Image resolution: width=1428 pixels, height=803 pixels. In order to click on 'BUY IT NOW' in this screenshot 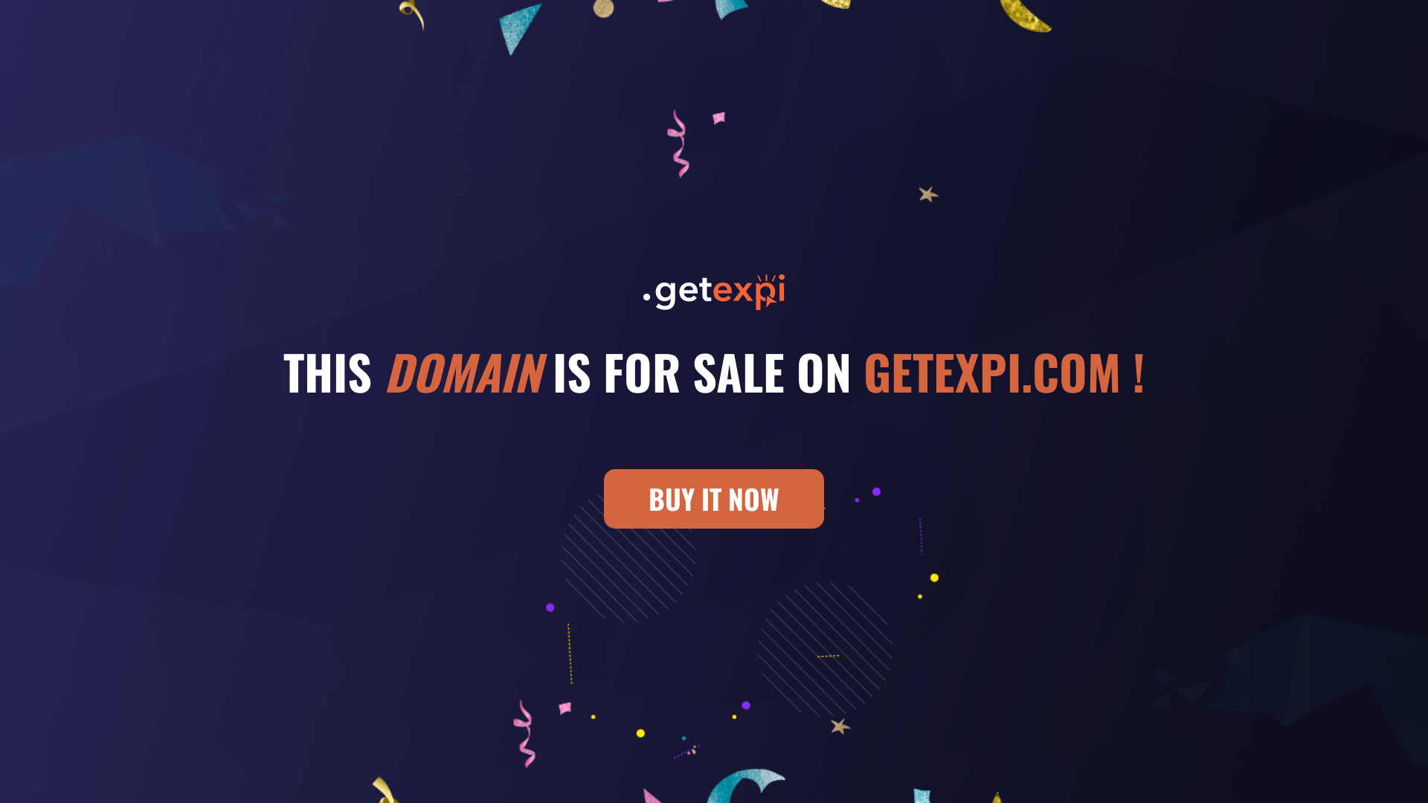, I will do `click(714, 504)`.